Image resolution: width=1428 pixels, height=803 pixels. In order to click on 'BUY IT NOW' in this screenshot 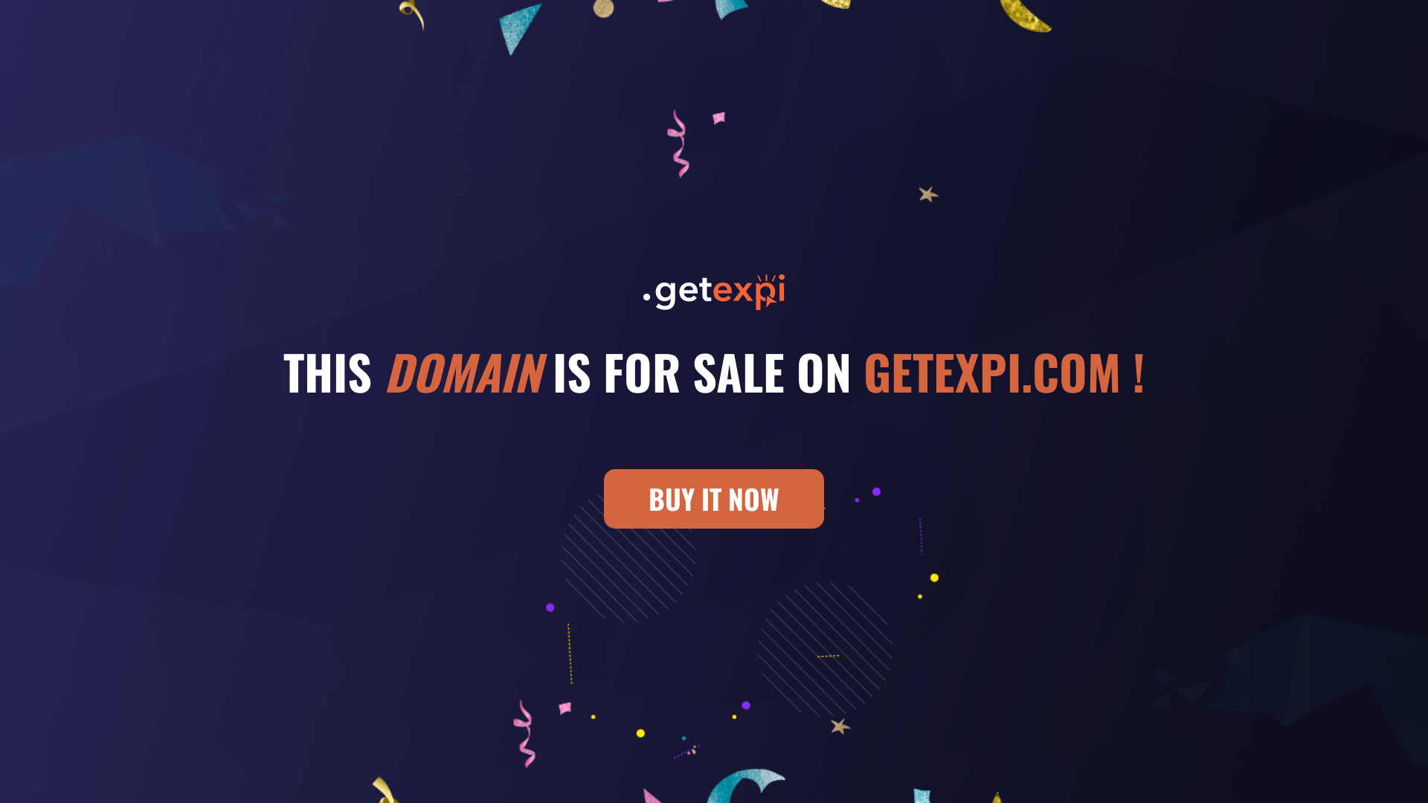, I will do `click(714, 504)`.